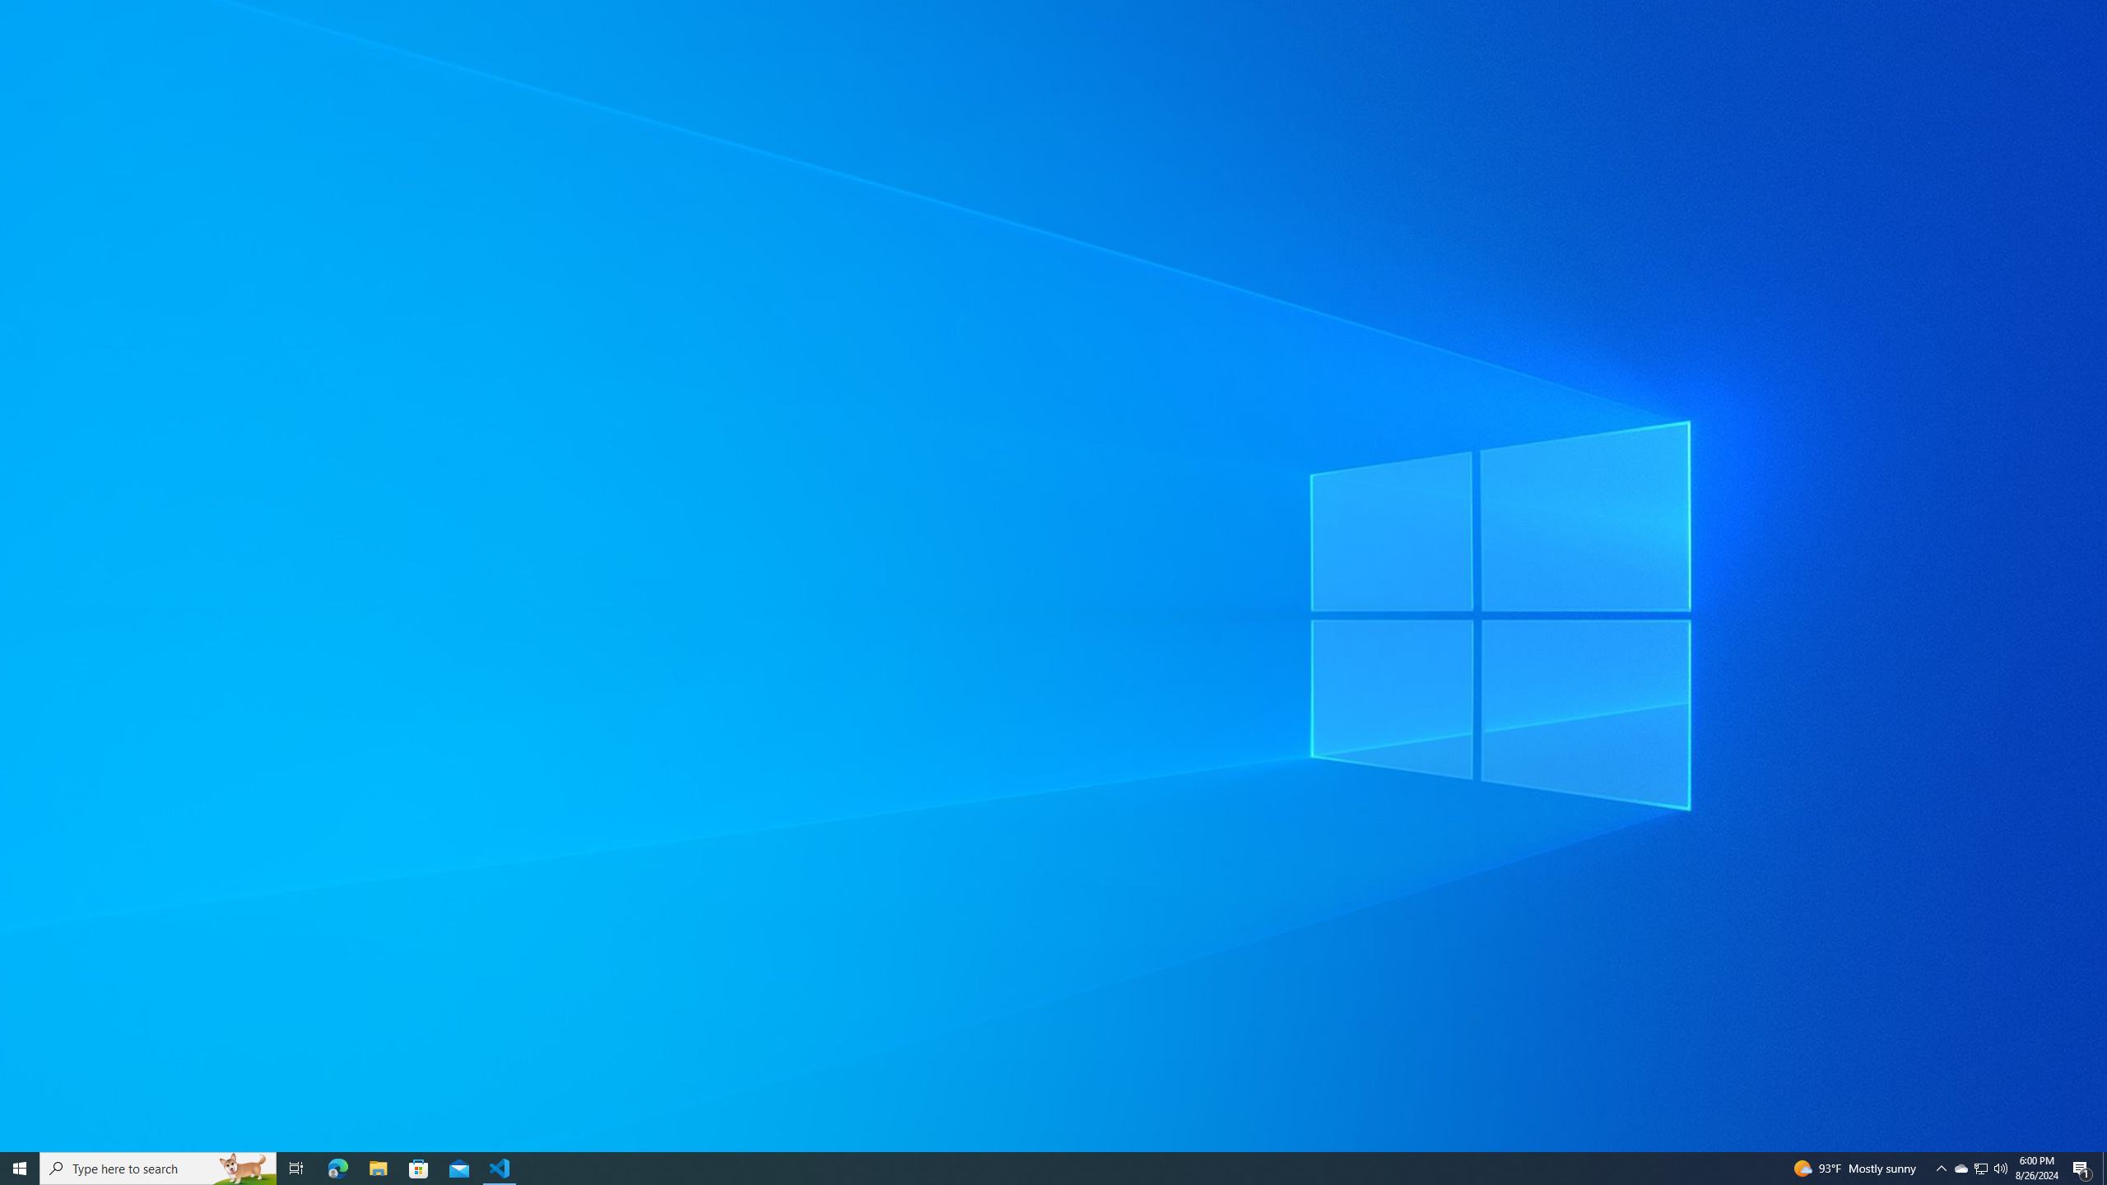 Image resolution: width=2107 pixels, height=1185 pixels. Describe the element at coordinates (1942, 1167) in the screenshot. I see `'Notification Chevron'` at that location.